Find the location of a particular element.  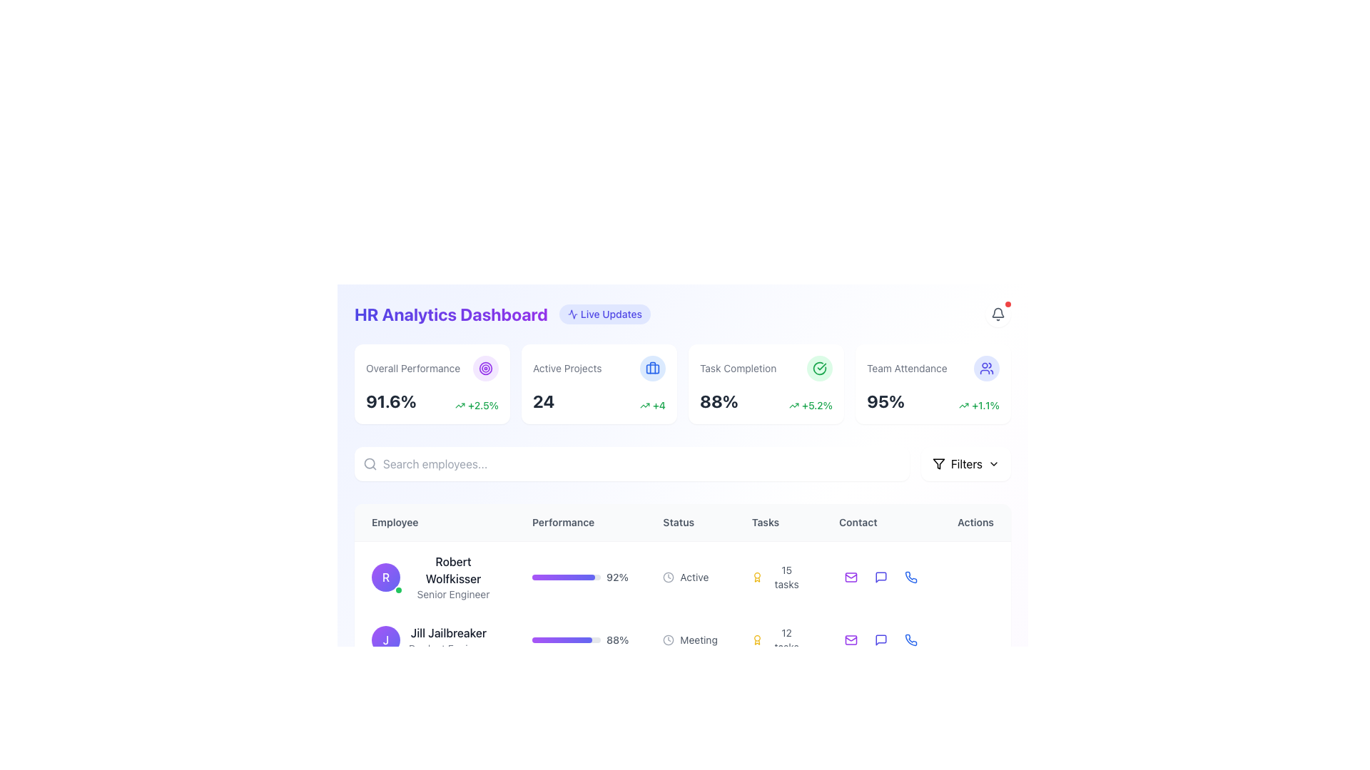

the element indicating a positive percentage change next to '95%' is located at coordinates (978, 406).